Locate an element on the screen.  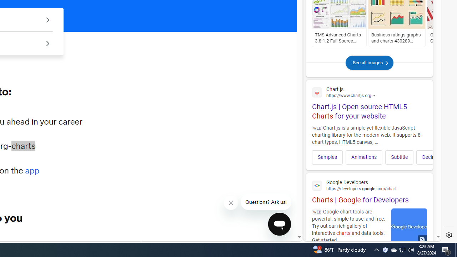
'See group offers' is located at coordinates (47, 43).